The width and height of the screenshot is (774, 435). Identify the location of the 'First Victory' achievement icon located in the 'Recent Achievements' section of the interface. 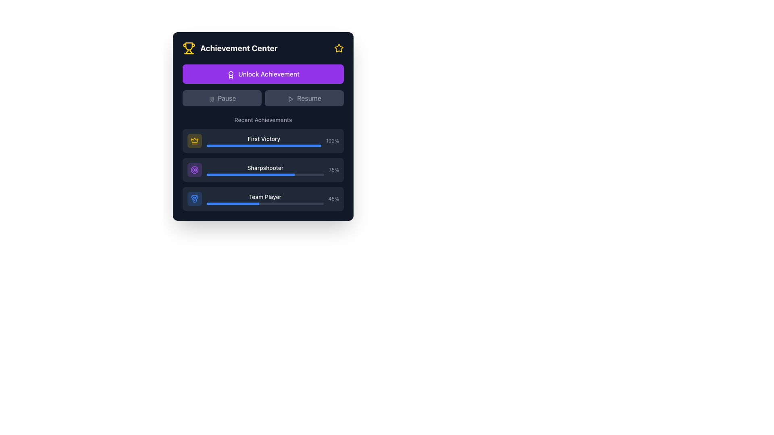
(195, 141).